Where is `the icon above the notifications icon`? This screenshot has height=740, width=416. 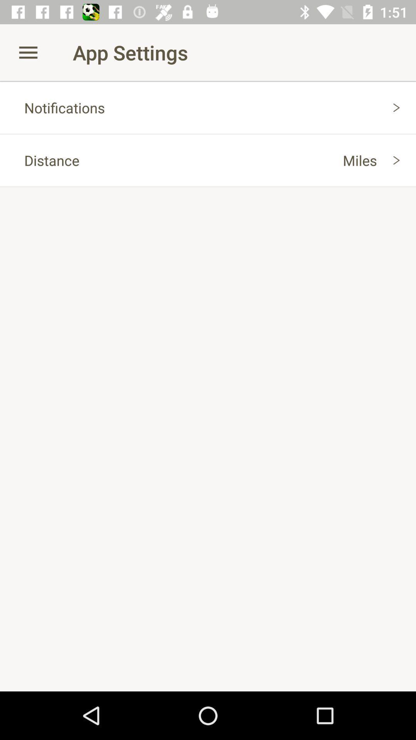
the icon above the notifications icon is located at coordinates (28, 52).